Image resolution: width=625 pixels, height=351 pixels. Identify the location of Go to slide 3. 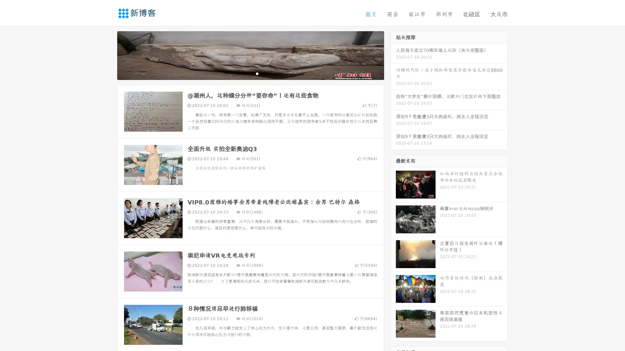
(257, 73).